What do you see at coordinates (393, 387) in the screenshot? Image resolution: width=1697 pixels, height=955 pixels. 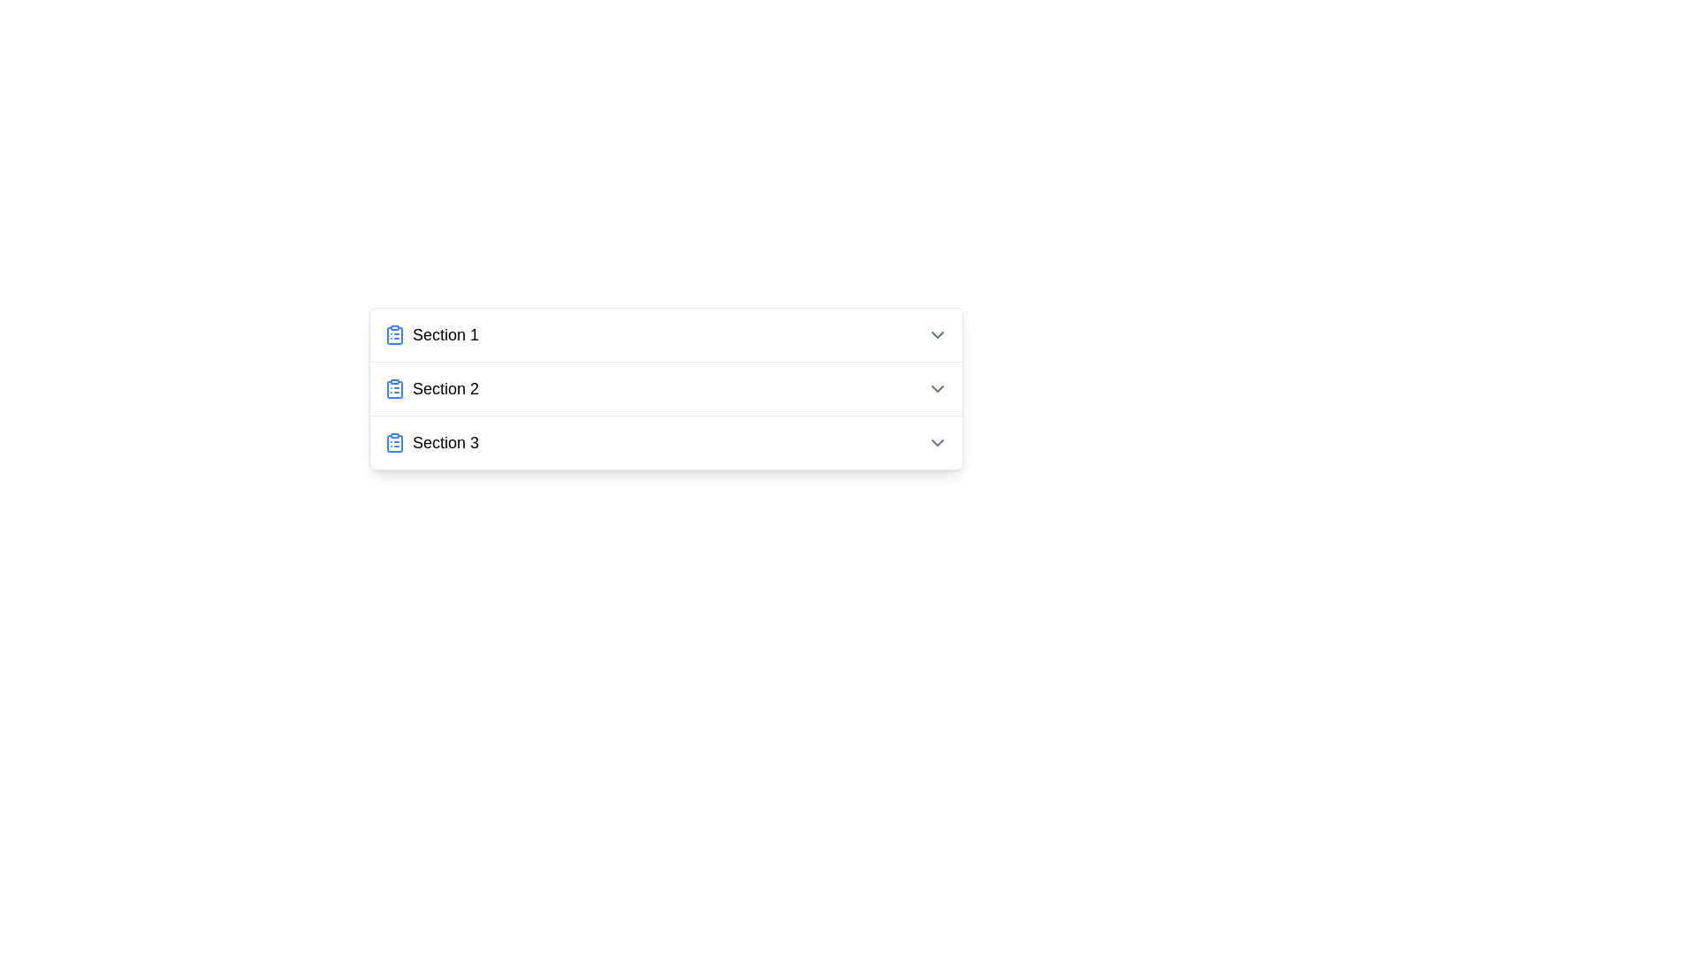 I see `the blue clipboard icon located to the left of the text 'Section 2' in the vertically stacked list of sections` at bounding box center [393, 387].